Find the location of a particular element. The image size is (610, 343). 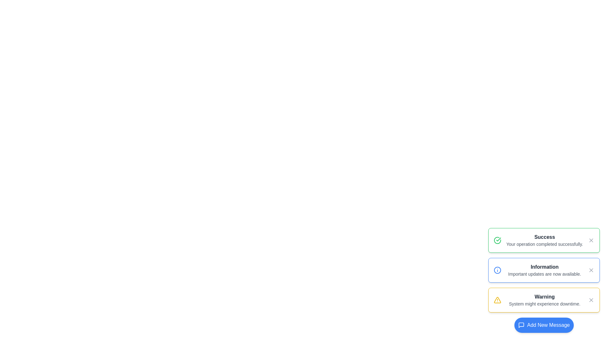

the information icon, which is styled as a blue circle with an 'i' in the center, located in the second notification card titled 'Information.' is located at coordinates (497, 270).